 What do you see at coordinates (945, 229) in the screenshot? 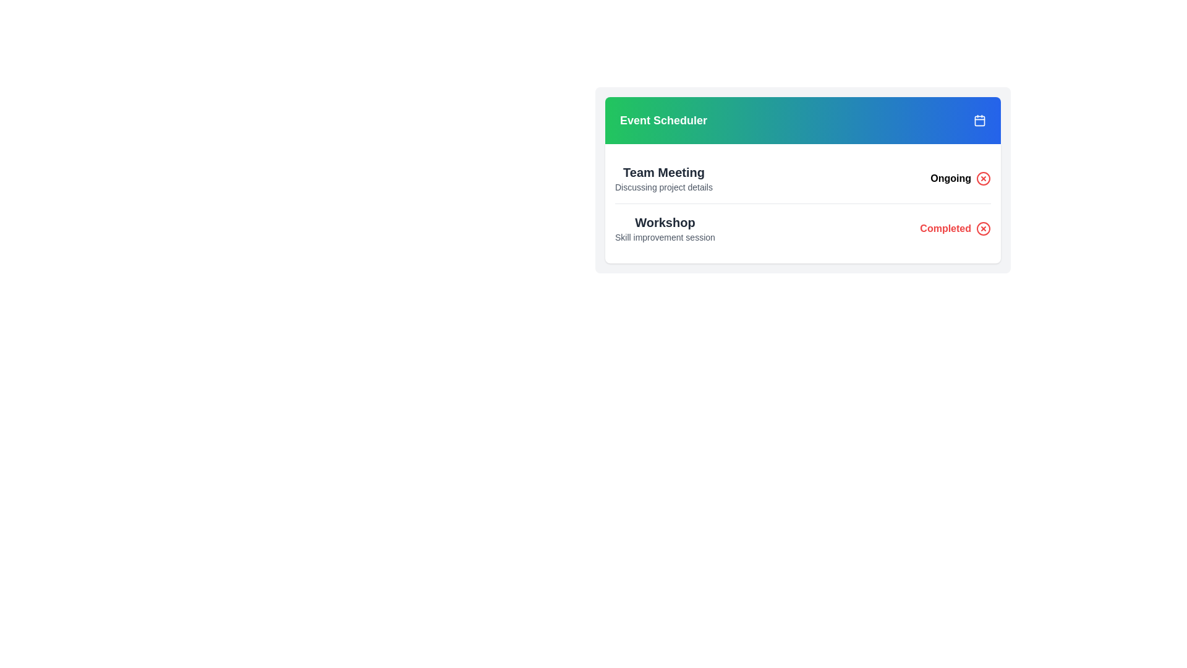
I see `the bold red text label displaying the word 'Completed', located towards the bottom right of the panel associated with the 'Workshop' event` at bounding box center [945, 229].